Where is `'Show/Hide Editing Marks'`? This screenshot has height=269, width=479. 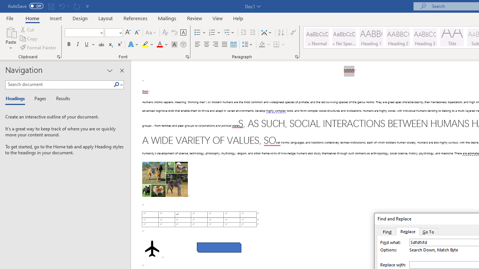 'Show/Hide Editing Marks' is located at coordinates (292, 32).